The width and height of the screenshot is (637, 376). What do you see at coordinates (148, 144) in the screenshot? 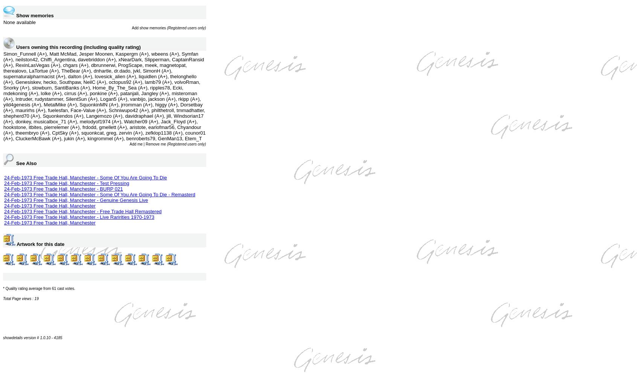
I see `'Add me | Remove me'` at bounding box center [148, 144].